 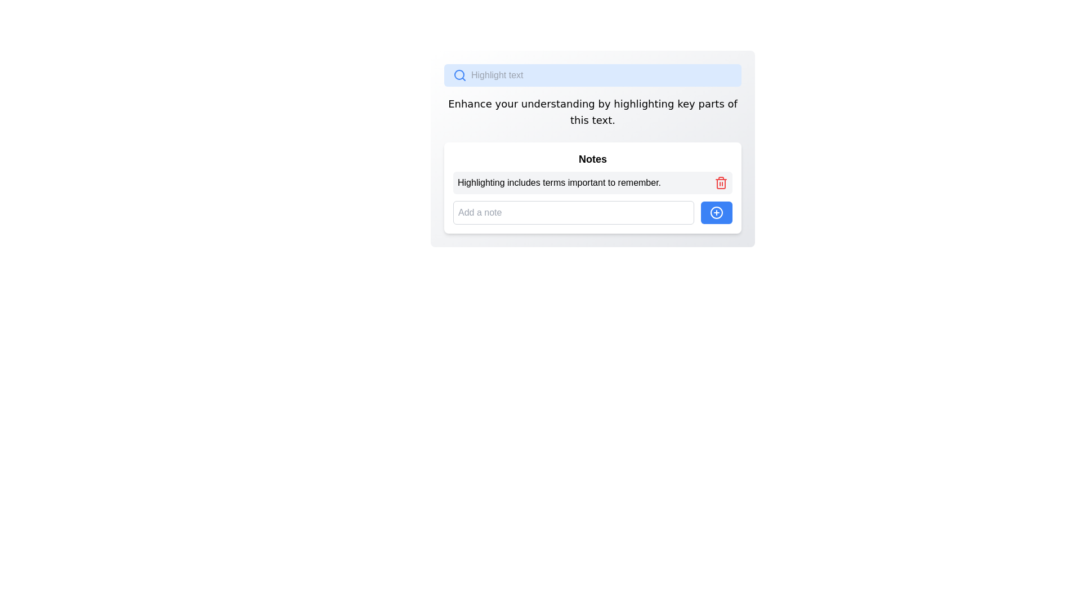 What do you see at coordinates (616, 104) in the screenshot?
I see `the character 'h' in the word 'highlighting' of the sentence 'Enhance your understanding by highlighting key parts of this text.'` at bounding box center [616, 104].